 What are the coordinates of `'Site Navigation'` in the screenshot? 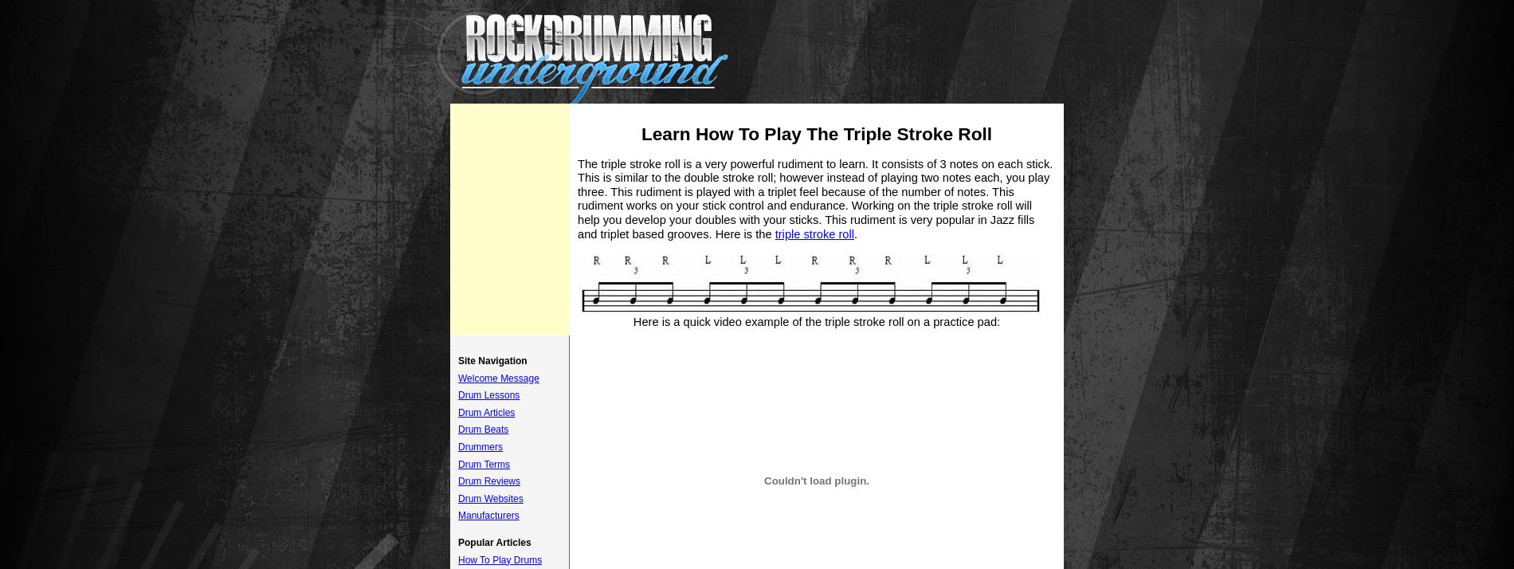 It's located at (492, 360).